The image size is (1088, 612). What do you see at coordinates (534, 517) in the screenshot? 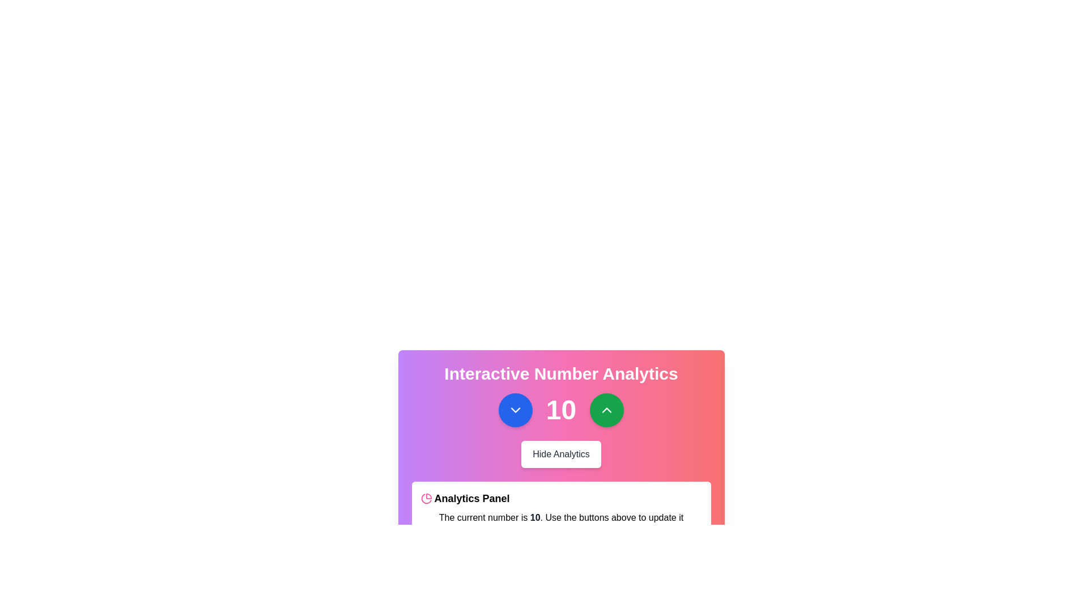
I see `the static text label displaying the current numeric value, which is centrally located within a gradient-colored card interface, surrounded by interactive buttons` at bounding box center [534, 517].